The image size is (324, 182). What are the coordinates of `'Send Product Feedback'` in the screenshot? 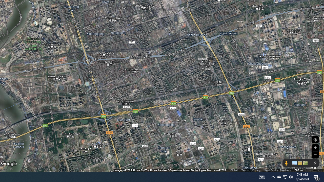 It's located at (277, 170).